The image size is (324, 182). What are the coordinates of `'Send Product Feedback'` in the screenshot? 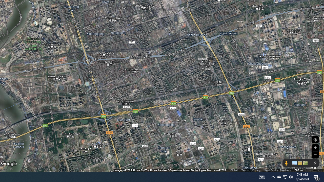 It's located at (277, 170).